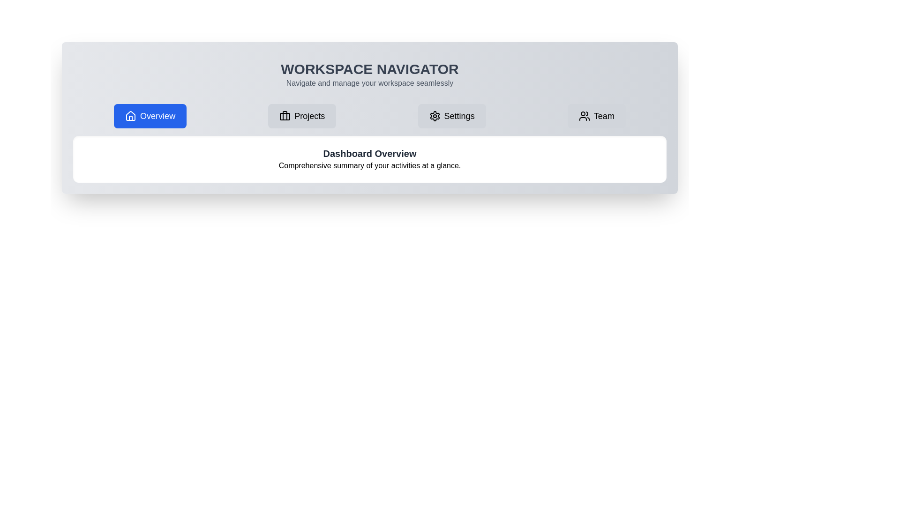 This screenshot has width=900, height=506. Describe the element at coordinates (157, 115) in the screenshot. I see `the text label indicating the overview section of the workspace, located under the 'WORKSPACE NAVIGATOR' header, to the right of the house icon` at that location.